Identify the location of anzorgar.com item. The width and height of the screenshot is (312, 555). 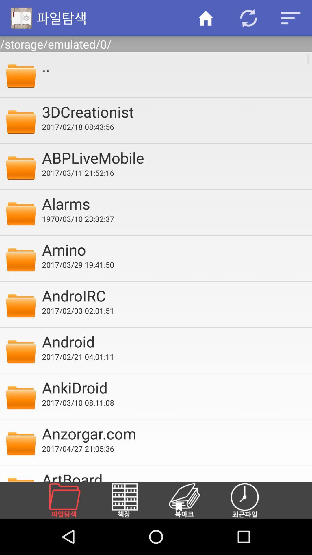
(173, 433).